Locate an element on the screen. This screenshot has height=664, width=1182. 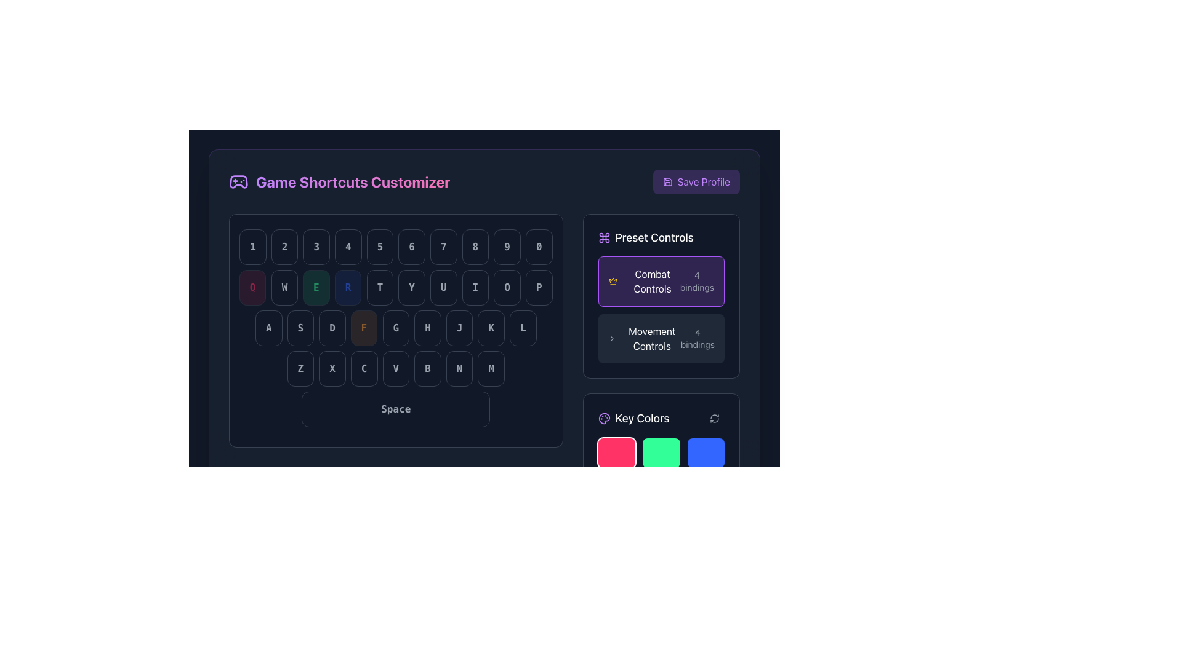
the second button in the first row of the 'Key Colors' section is located at coordinates (661, 453).